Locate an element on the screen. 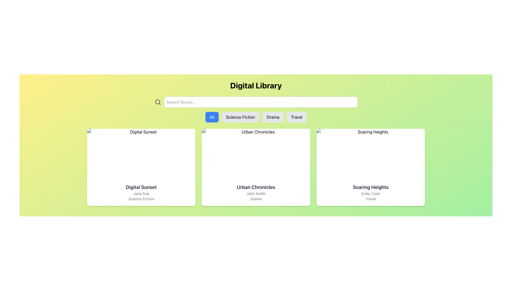 The width and height of the screenshot is (507, 285). the static text label displaying the author's name for the book 'Urban Chronicles', which is centrally located below the title and above the italicized text 'Drama' is located at coordinates (256, 193).